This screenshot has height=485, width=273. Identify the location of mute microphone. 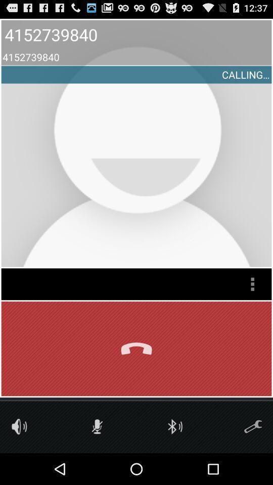
(97, 426).